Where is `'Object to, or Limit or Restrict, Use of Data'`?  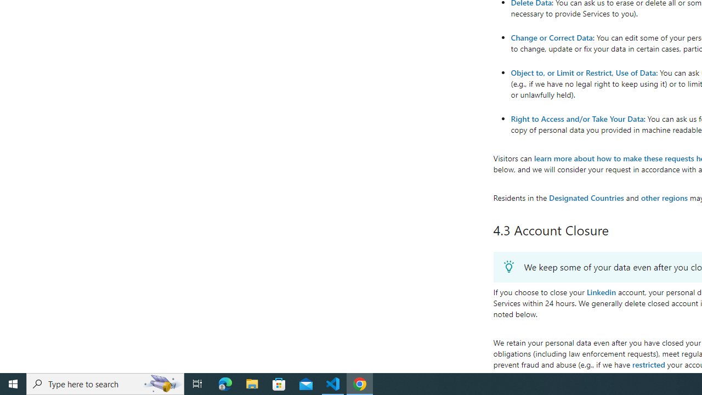 'Object to, or Limit or Restrict, Use of Data' is located at coordinates (582, 72).